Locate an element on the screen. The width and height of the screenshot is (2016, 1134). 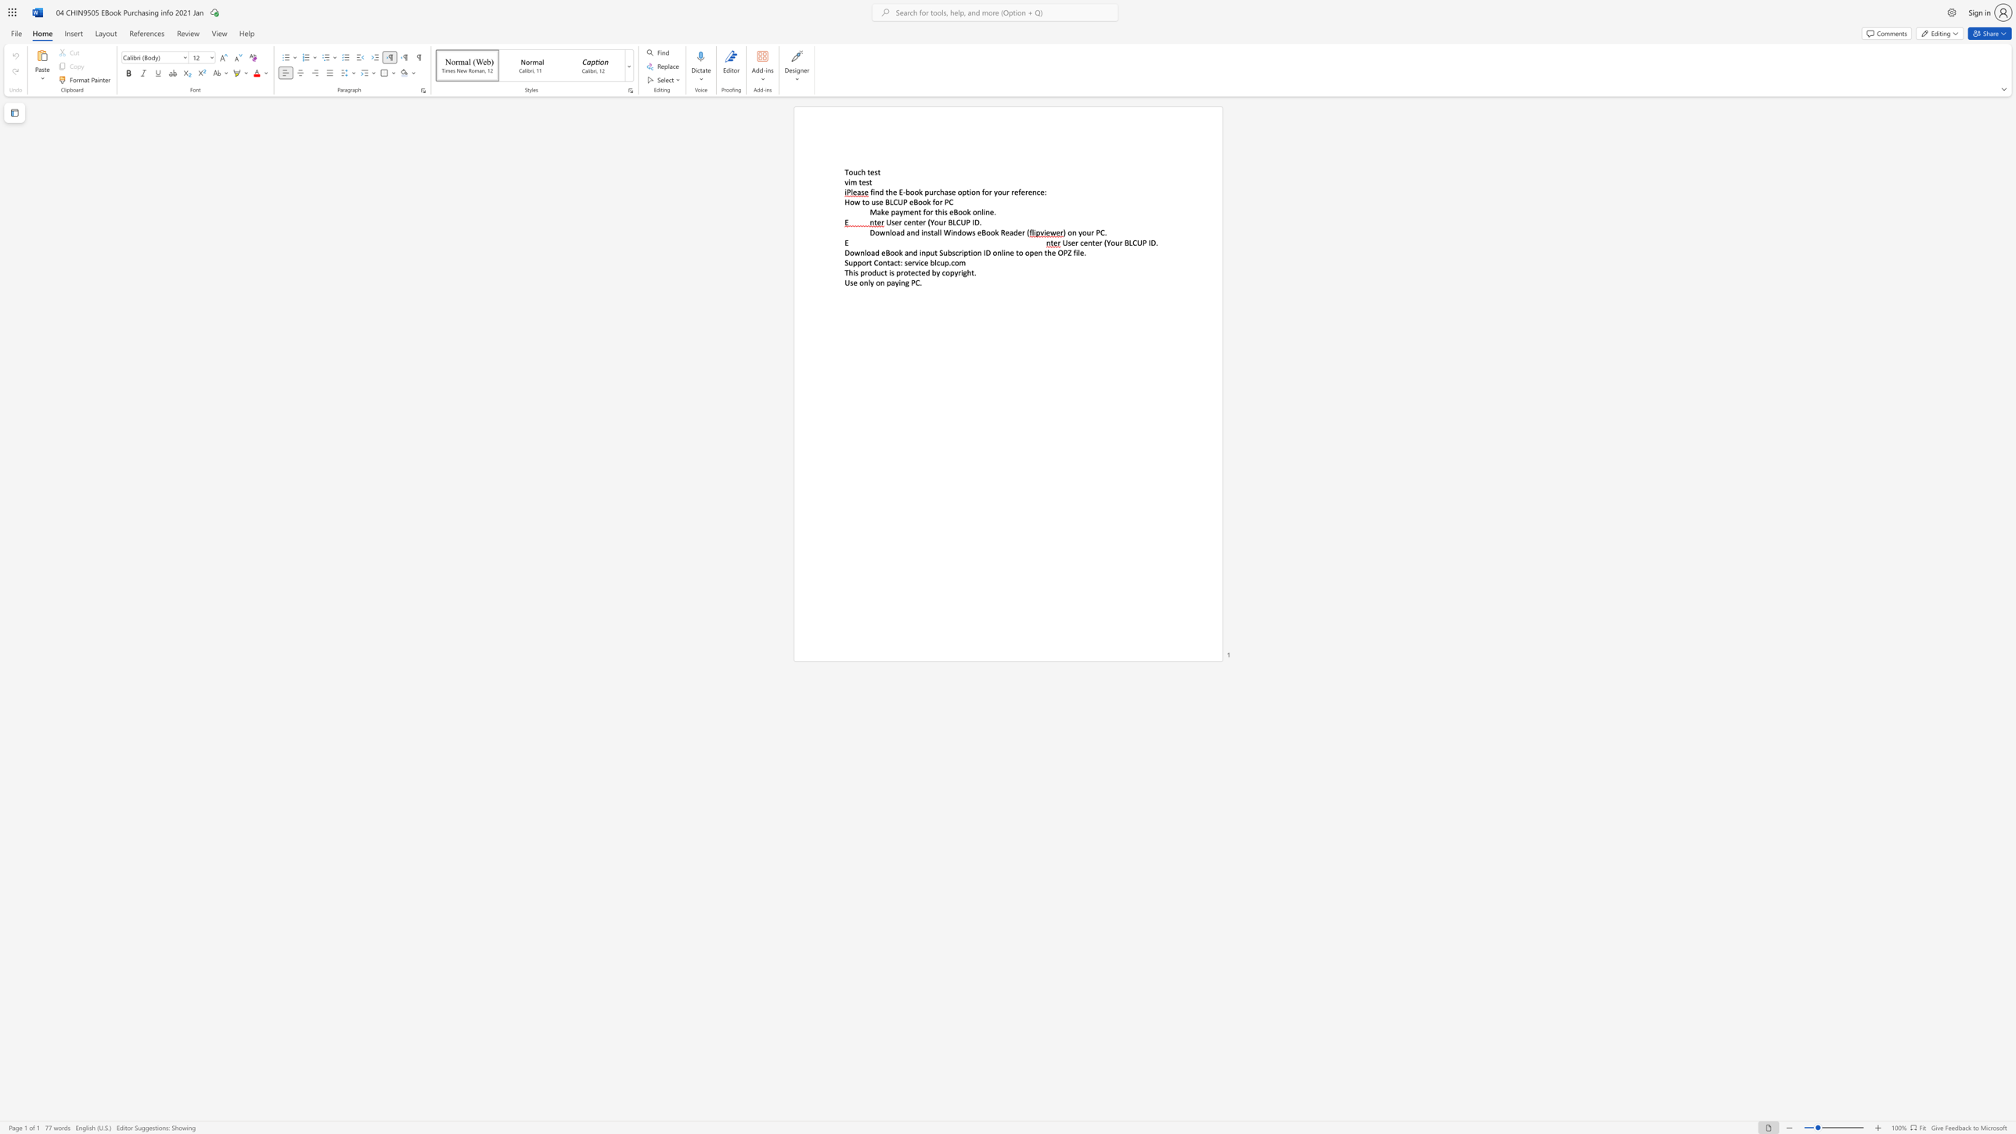
the 1th character "u" in the text is located at coordinates (855, 171).